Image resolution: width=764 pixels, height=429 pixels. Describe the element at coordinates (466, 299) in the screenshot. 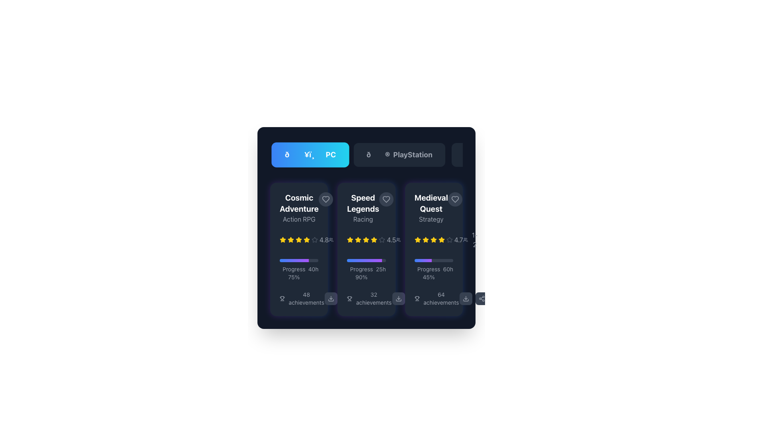

I see `the download button located in the bottom-right corner of the view, which is the first button from the left in a group of two buttons` at that location.